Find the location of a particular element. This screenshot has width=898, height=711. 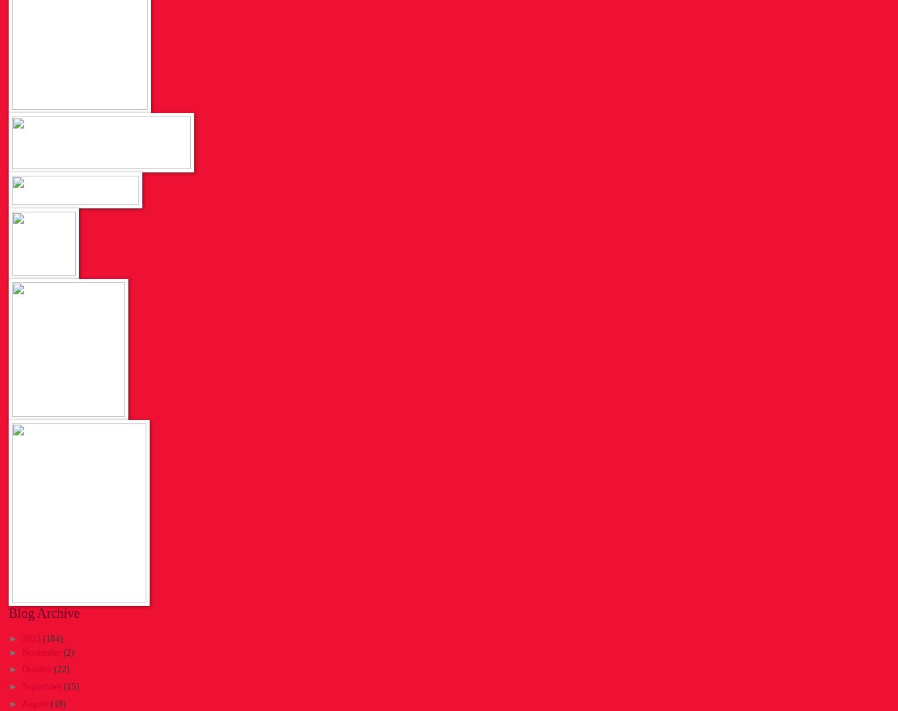

'(22)' is located at coordinates (61, 669).